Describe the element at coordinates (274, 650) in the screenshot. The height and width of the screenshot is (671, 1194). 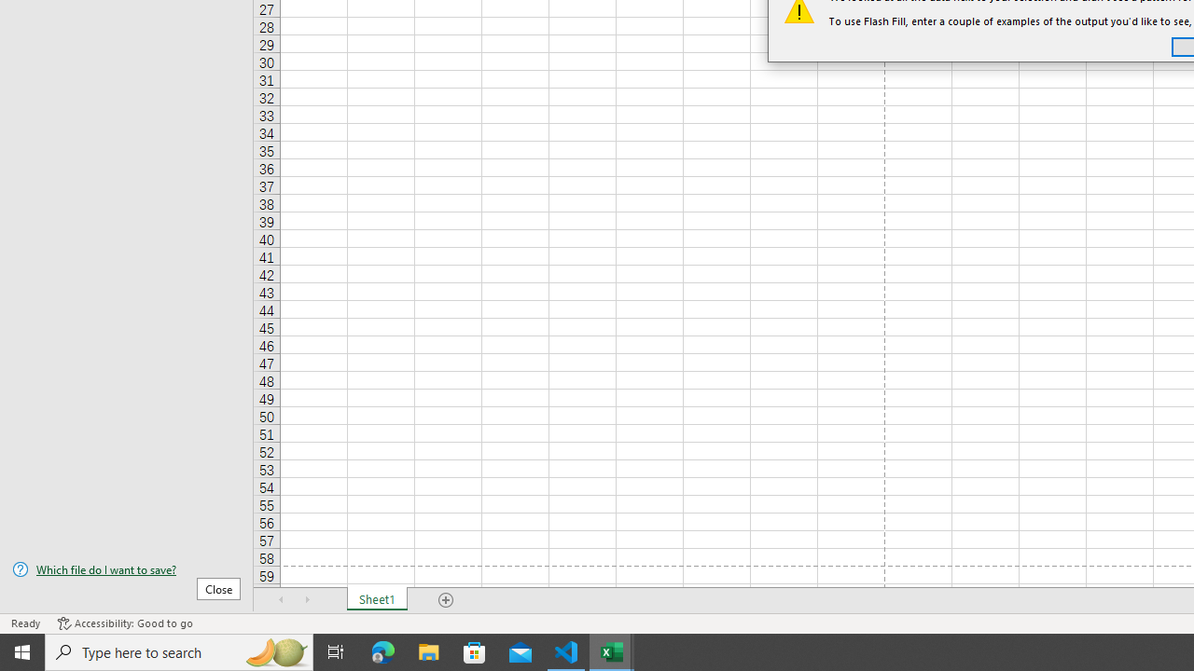
I see `'Search highlights icon opens search home window'` at that location.